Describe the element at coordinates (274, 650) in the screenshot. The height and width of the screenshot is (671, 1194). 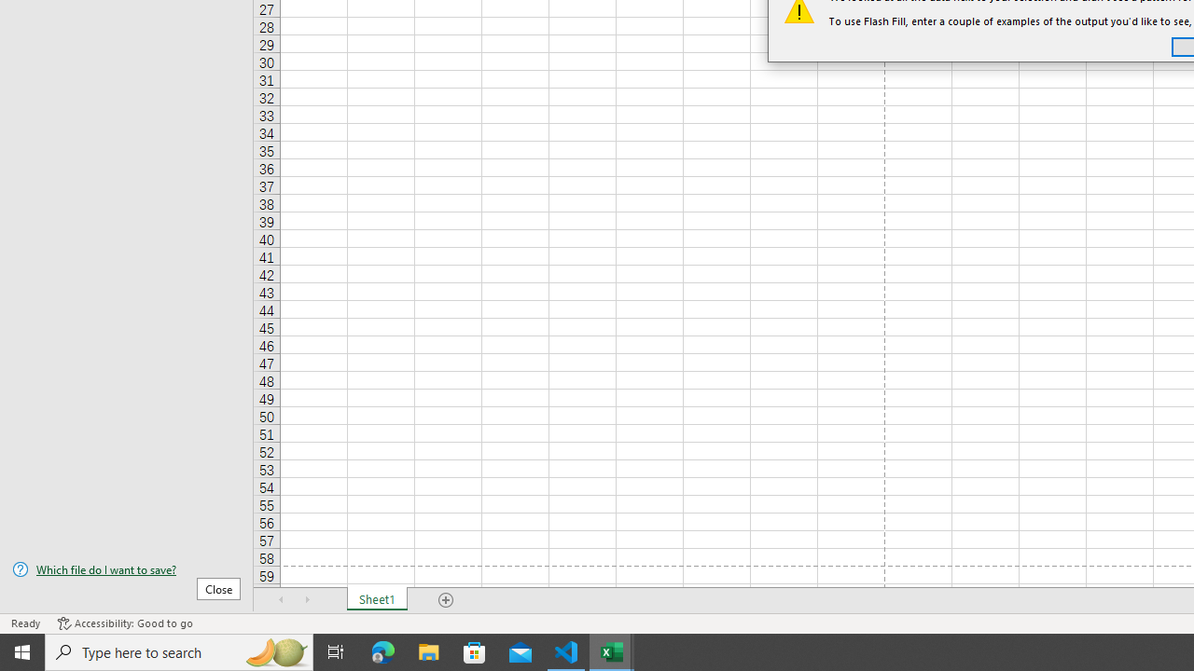
I see `'Search highlights icon opens search home window'` at that location.